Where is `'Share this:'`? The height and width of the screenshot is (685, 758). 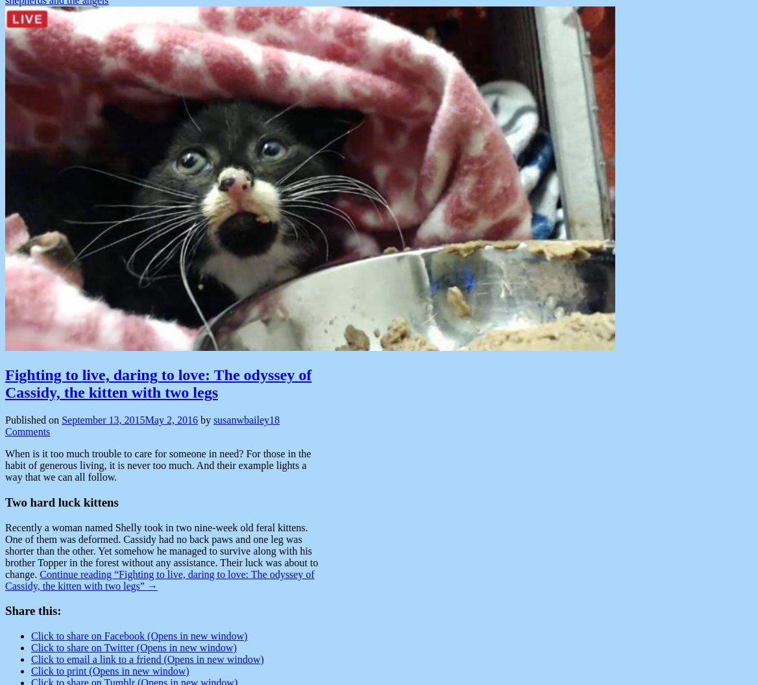
'Share this:' is located at coordinates (33, 610).